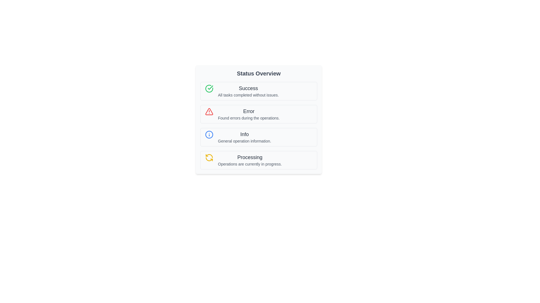 Image resolution: width=540 pixels, height=303 pixels. Describe the element at coordinates (210, 88) in the screenshot. I see `the checkmark icon located in the top-left corner of the 'Success' section of the 'Status Overview' panel, which is styled with a green stroke color and indicates a successful operation` at that location.